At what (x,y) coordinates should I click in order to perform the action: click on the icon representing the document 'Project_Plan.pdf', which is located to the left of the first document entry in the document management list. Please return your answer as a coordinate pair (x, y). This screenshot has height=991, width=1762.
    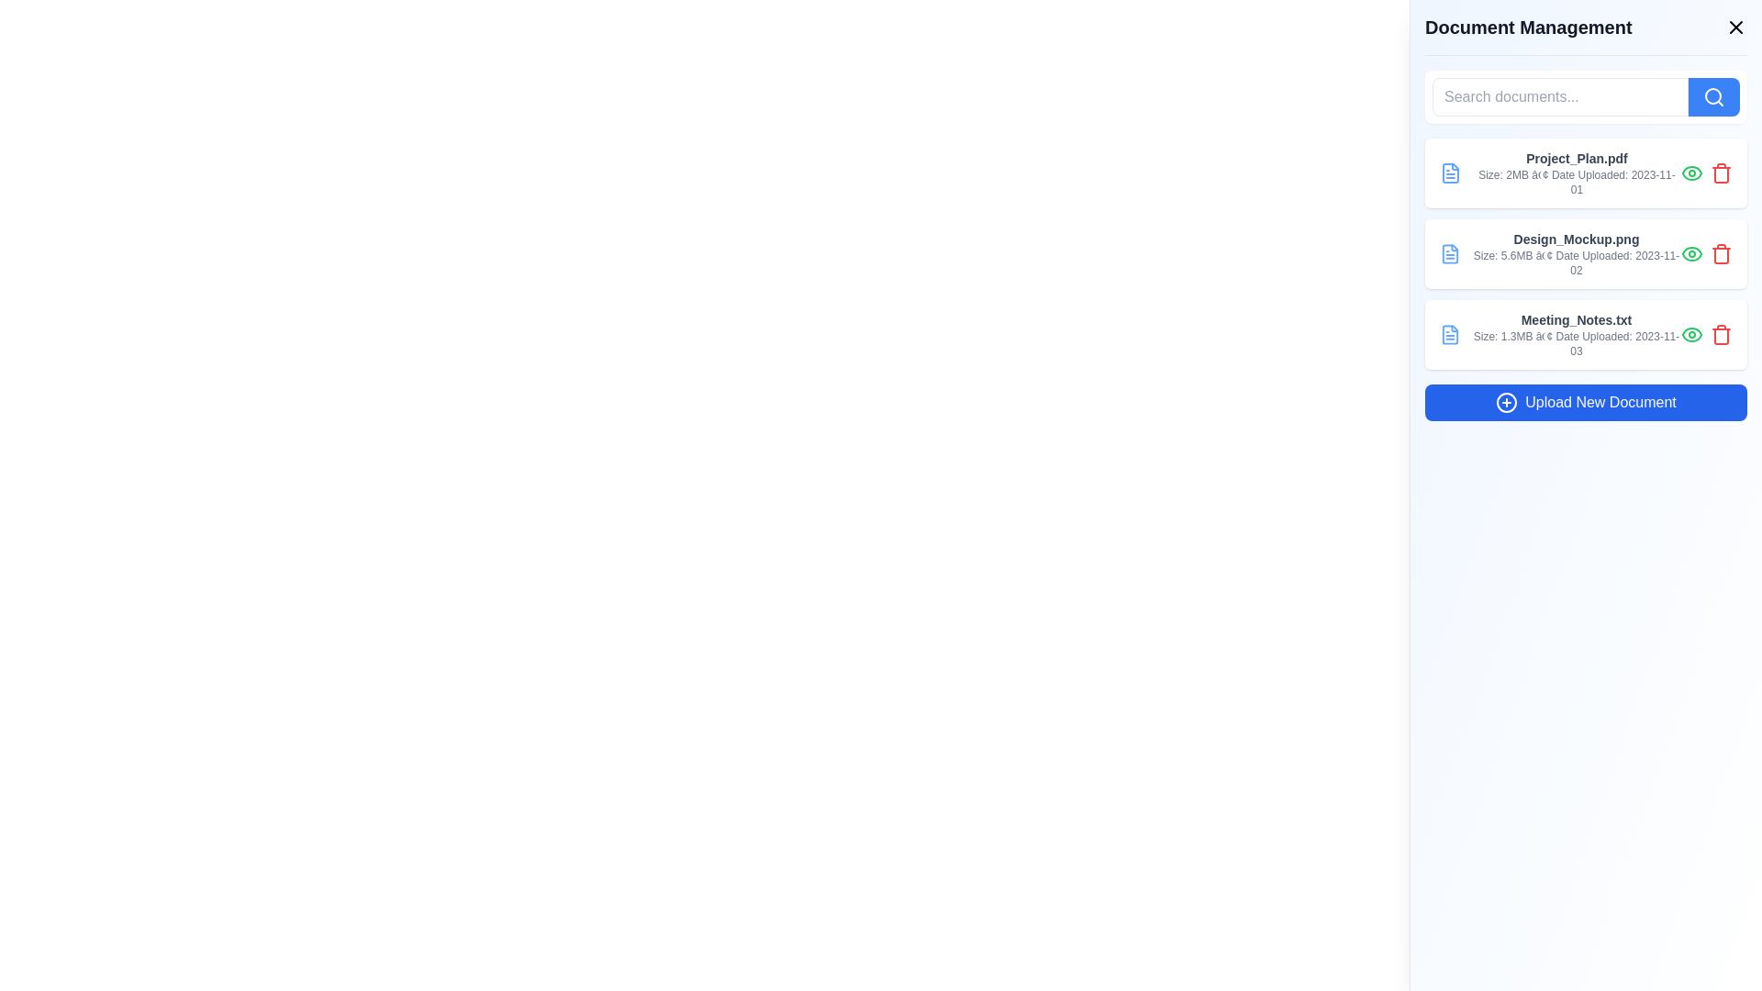
    Looking at the image, I should click on (1449, 173).